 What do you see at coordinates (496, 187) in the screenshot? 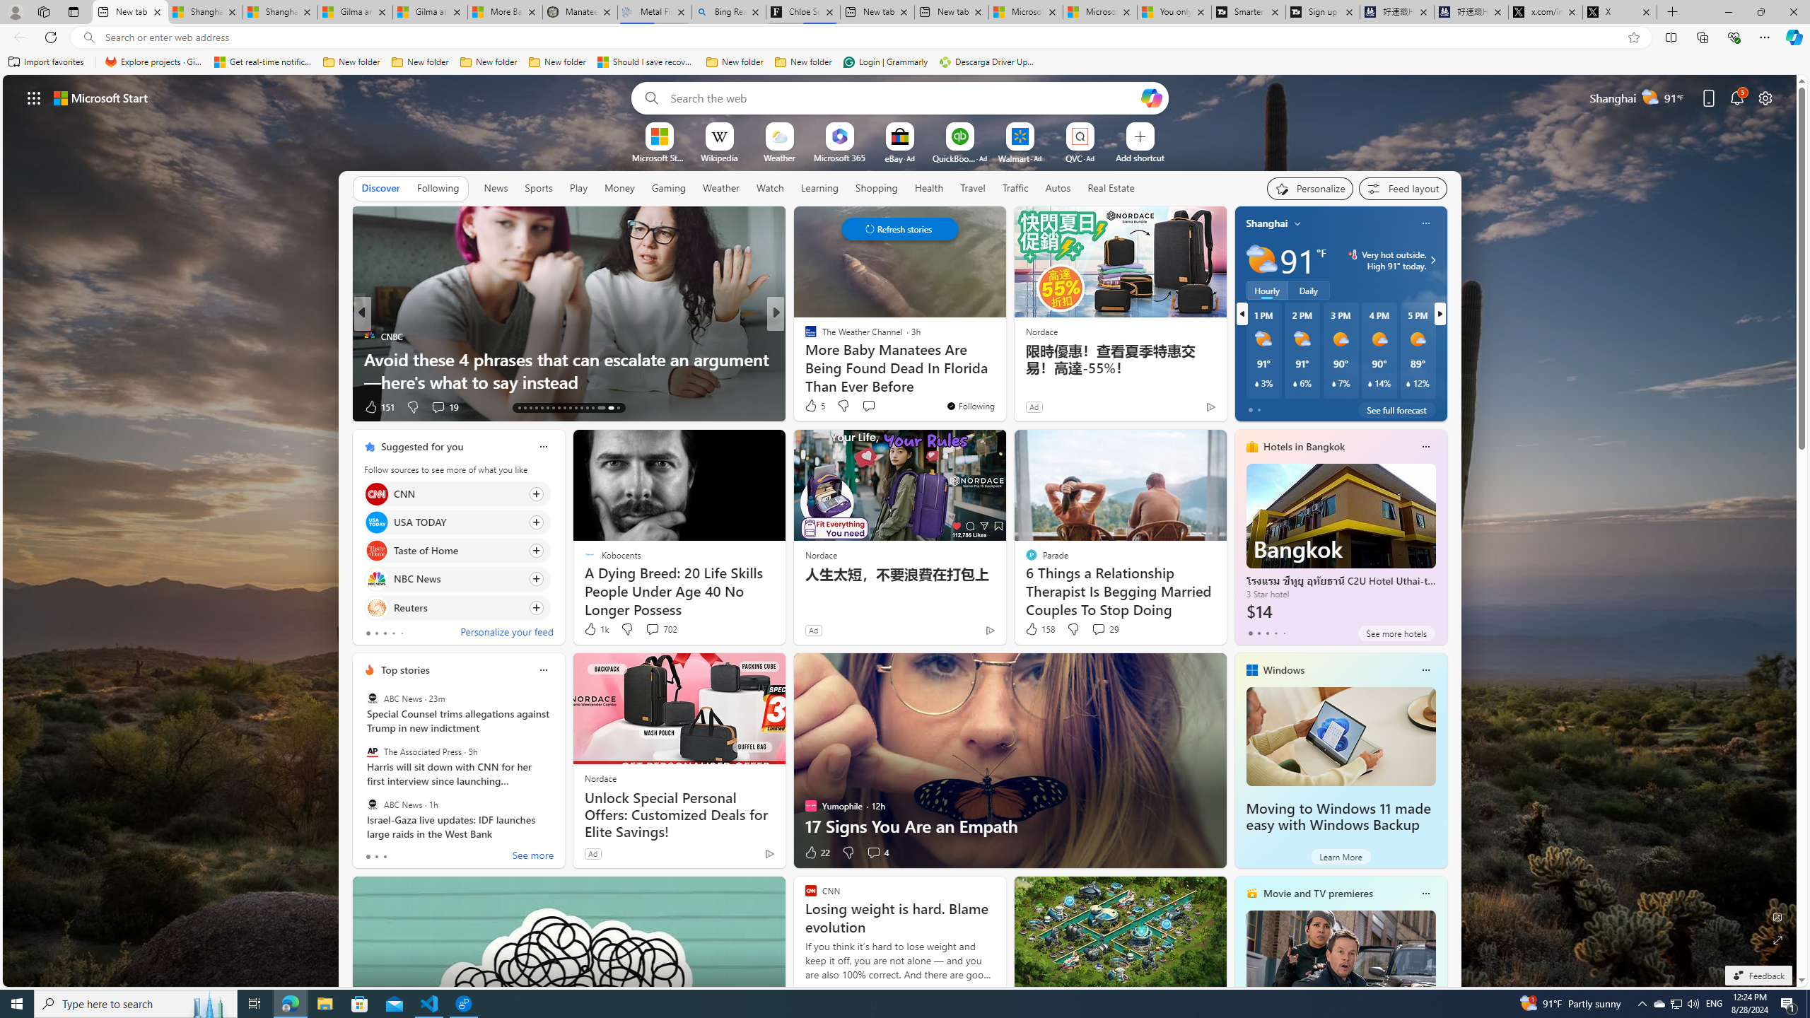
I see `'News'` at bounding box center [496, 187].